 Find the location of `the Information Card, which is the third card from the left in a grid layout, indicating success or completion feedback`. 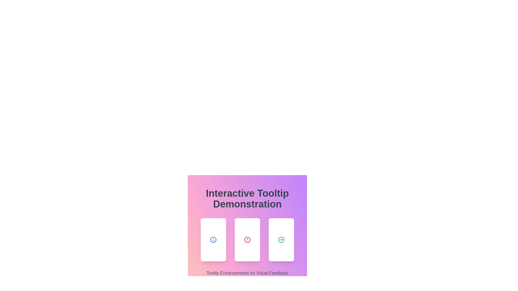

the Information Card, which is the third card from the left in a grid layout, indicating success or completion feedback is located at coordinates (281, 240).